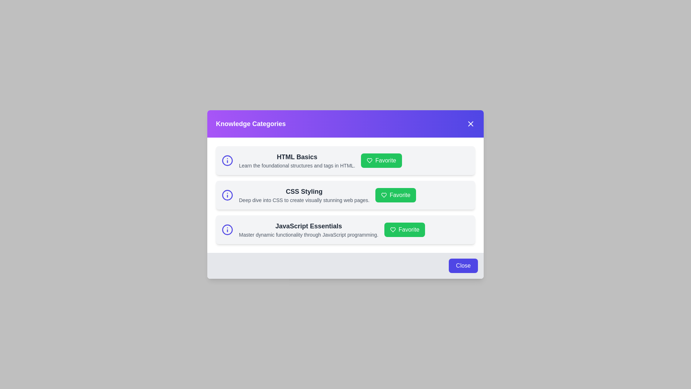  What do you see at coordinates (308, 229) in the screenshot?
I see `text block that provides information about 'JavaScript Essentials', which is located below the 'CSS Styling' element and above the 'Favorite' button in a centered modal window` at bounding box center [308, 229].